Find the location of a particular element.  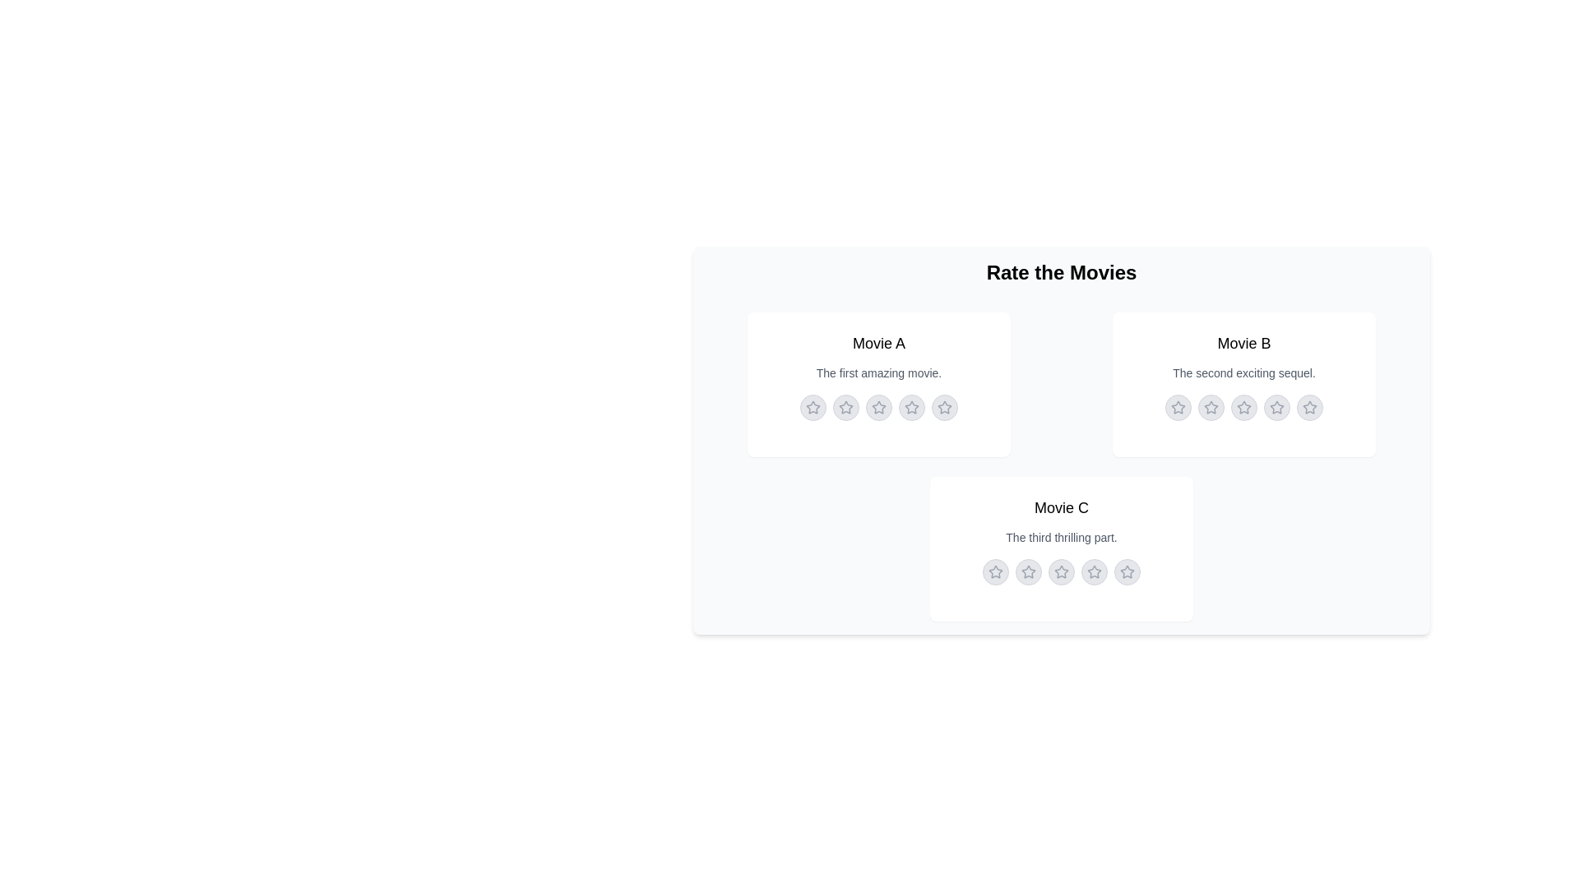

the first rating star in the rating system under the 'Movie B' card is located at coordinates (1178, 407).